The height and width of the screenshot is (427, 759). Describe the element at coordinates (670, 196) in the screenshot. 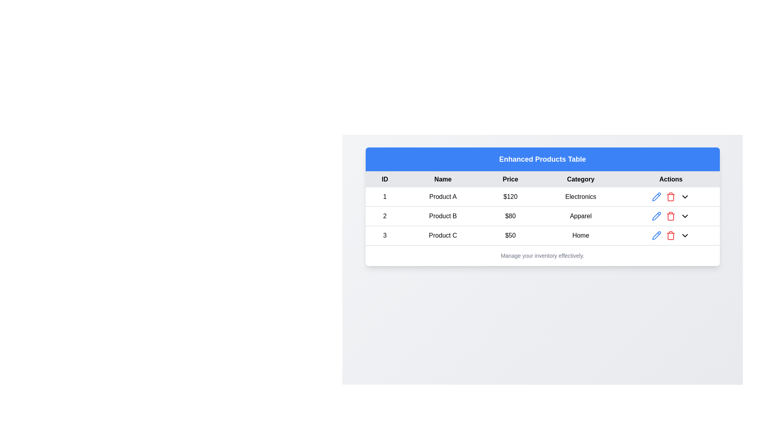

I see `the delete icon button located in the 'Actions' column of the first row of the table` at that location.